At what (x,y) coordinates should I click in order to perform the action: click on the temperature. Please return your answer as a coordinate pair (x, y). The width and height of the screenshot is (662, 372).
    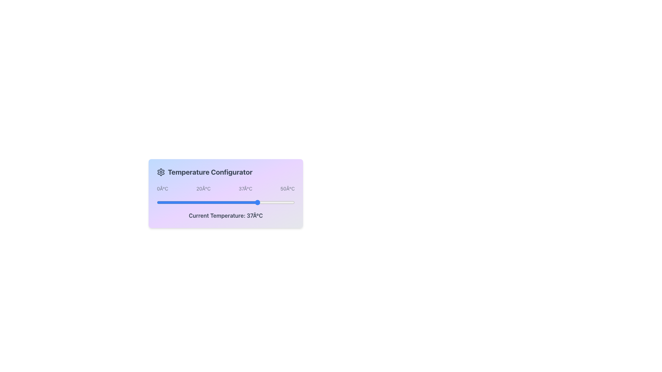
    Looking at the image, I should click on (240, 202).